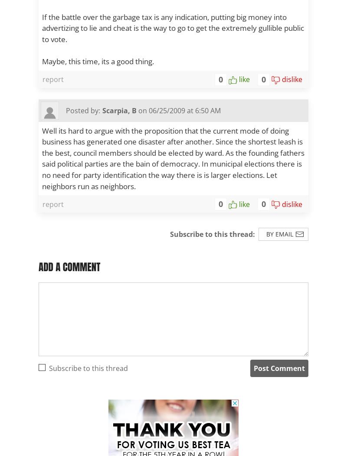  Describe the element at coordinates (173, 158) in the screenshot. I see `'Well its hard to argue with the proposition that the current mode of doing business has generated one disaster after another.  Since the shortest leash is the best, council members should be elected by ward.  As the founding fathers said political parties are the bain of democracy.  In municipal elections there is no need for party identification the way there is is larger elections. Let neighbors run as neighbors.'` at that location.